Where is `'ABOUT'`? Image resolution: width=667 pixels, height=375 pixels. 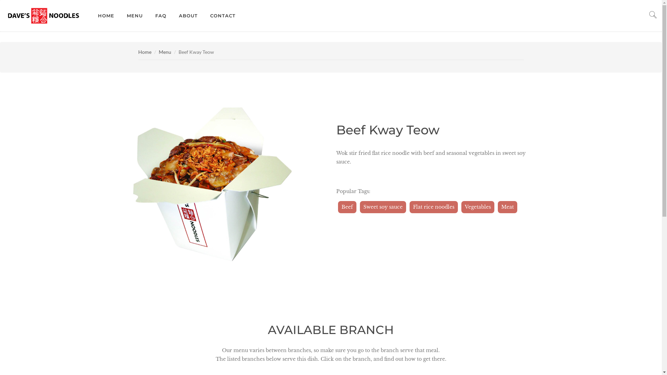
'ABOUT' is located at coordinates (188, 16).